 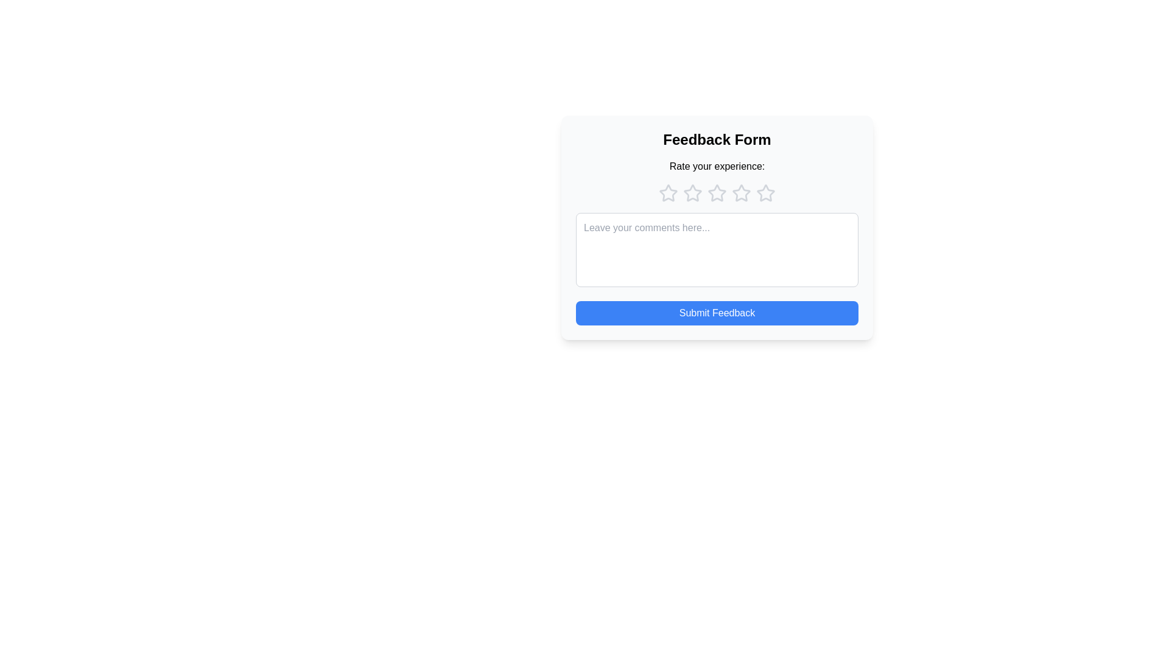 What do you see at coordinates (668, 192) in the screenshot?
I see `the first star in the horizontal row of rating stars to register the lowest score in the rating system, located below the 'Rate your experience' label in the feedback form` at bounding box center [668, 192].